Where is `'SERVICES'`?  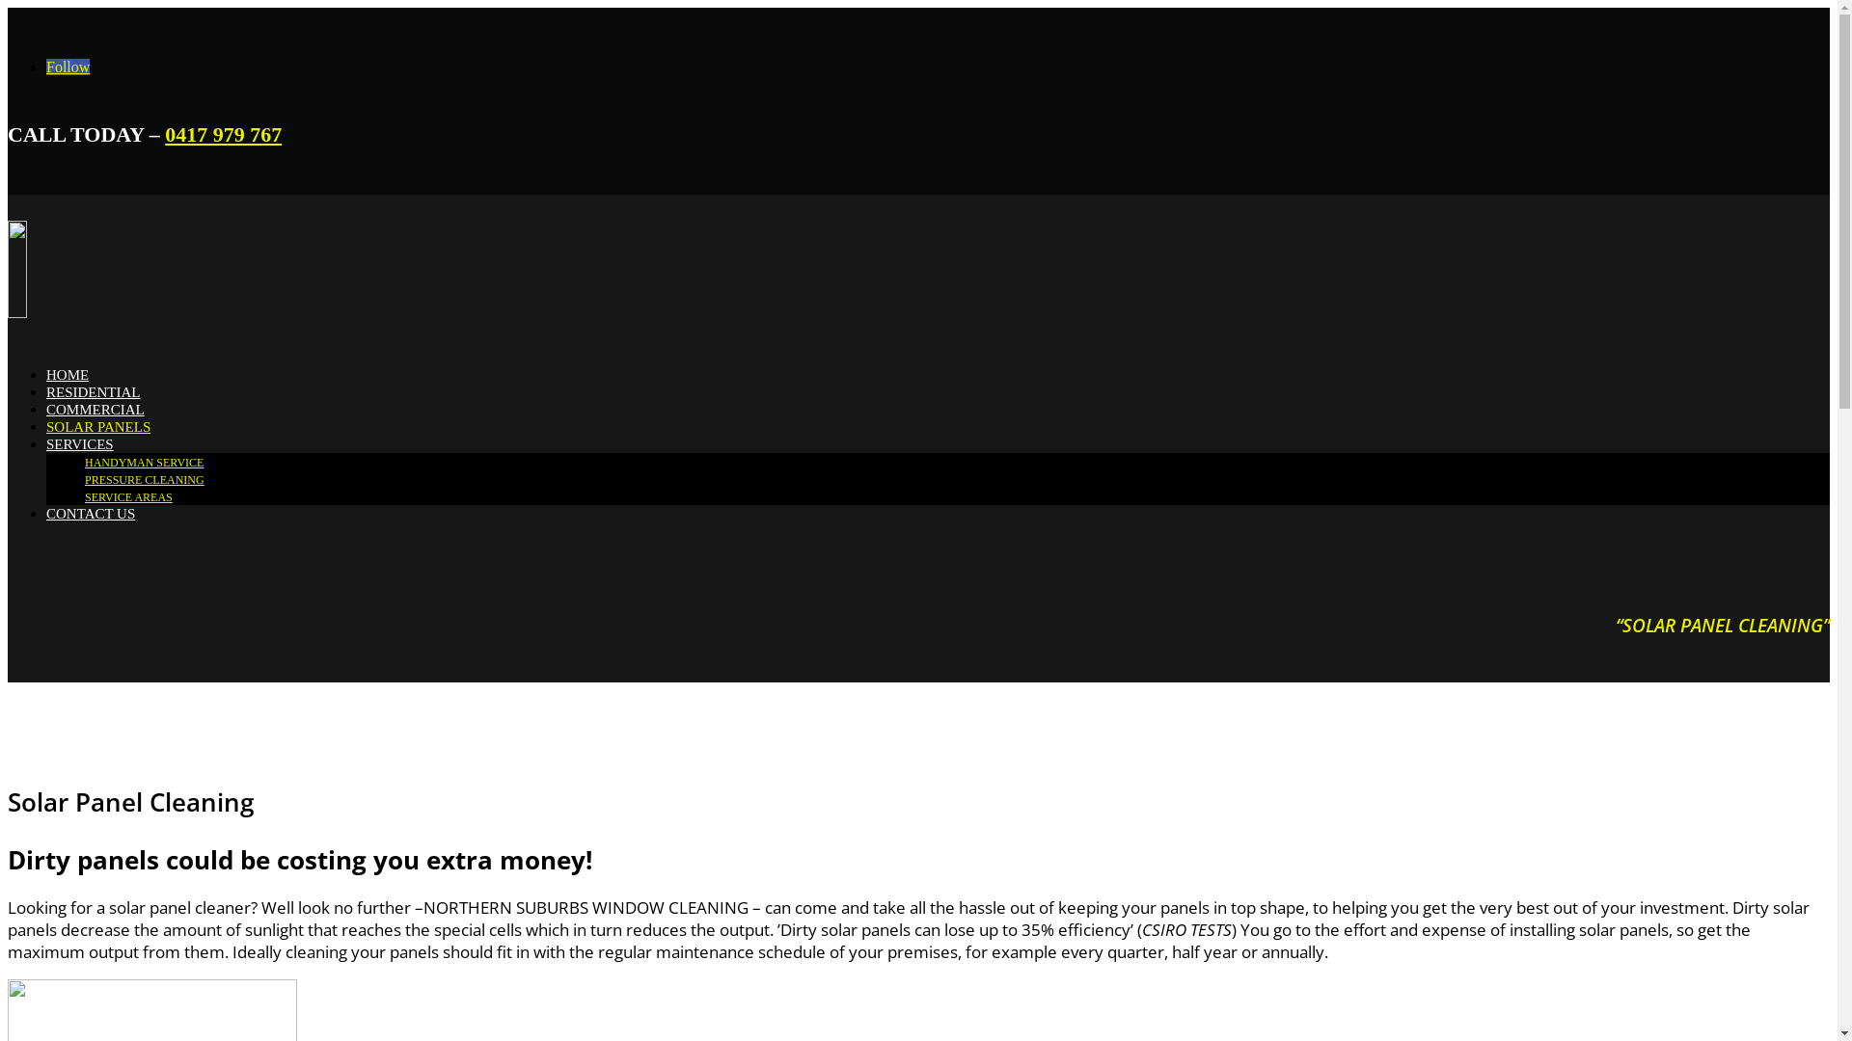
'SERVICES' is located at coordinates (78, 444).